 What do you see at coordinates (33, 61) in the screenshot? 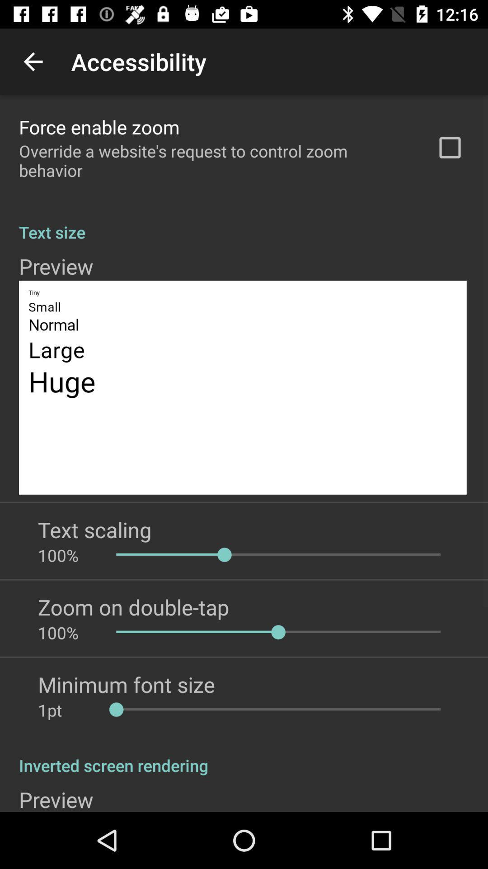
I see `the item next to the accessibility item` at bounding box center [33, 61].